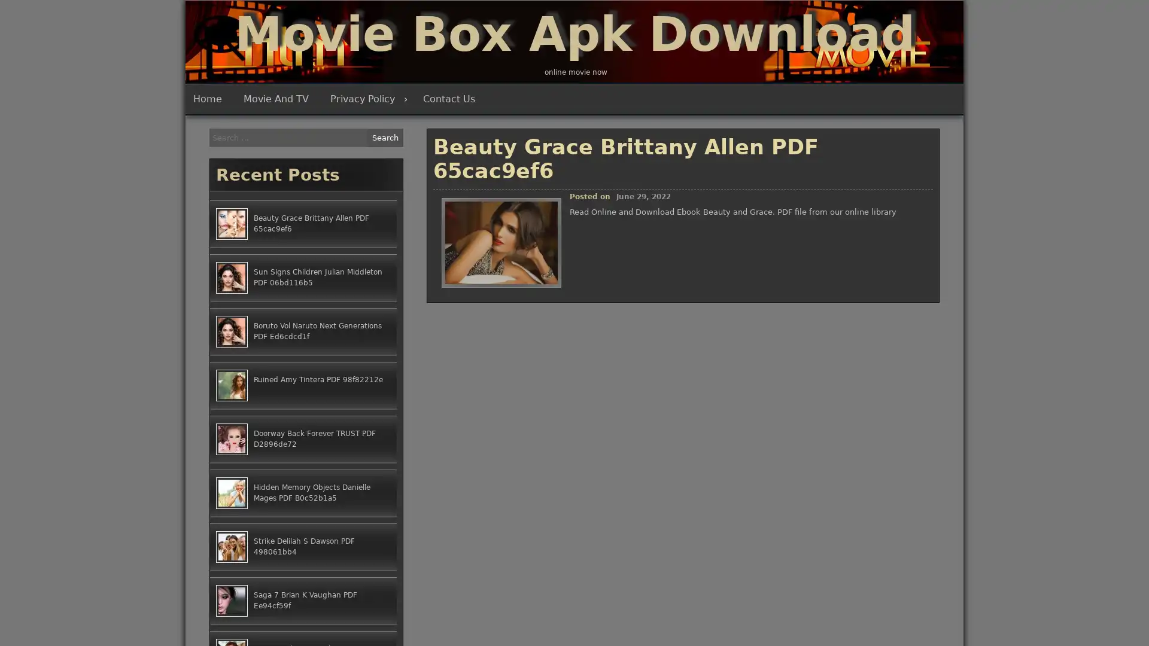 The image size is (1149, 646). I want to click on Search, so click(385, 137).